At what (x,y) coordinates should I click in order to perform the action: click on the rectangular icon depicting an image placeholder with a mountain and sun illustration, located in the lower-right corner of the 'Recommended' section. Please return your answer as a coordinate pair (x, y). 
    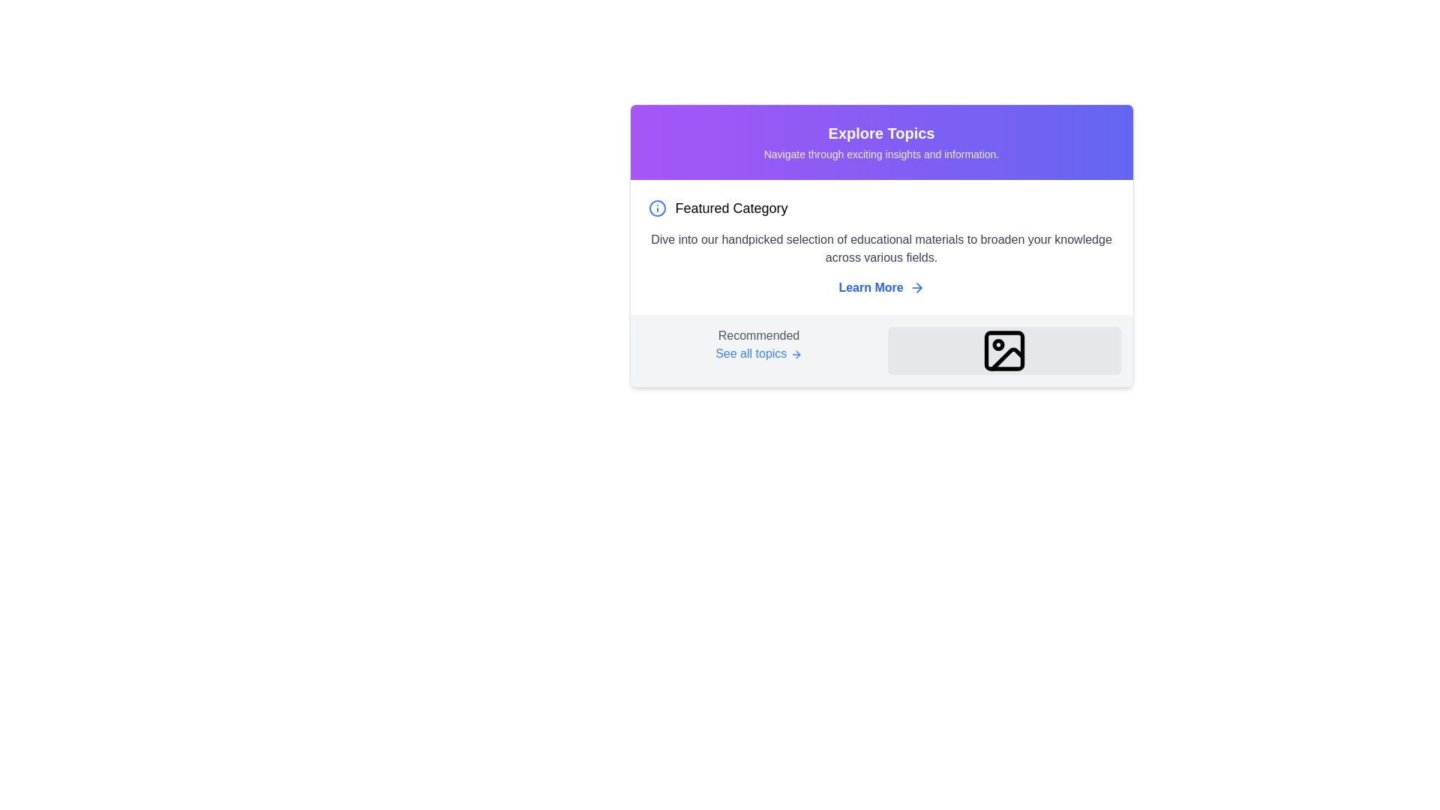
    Looking at the image, I should click on (1004, 350).